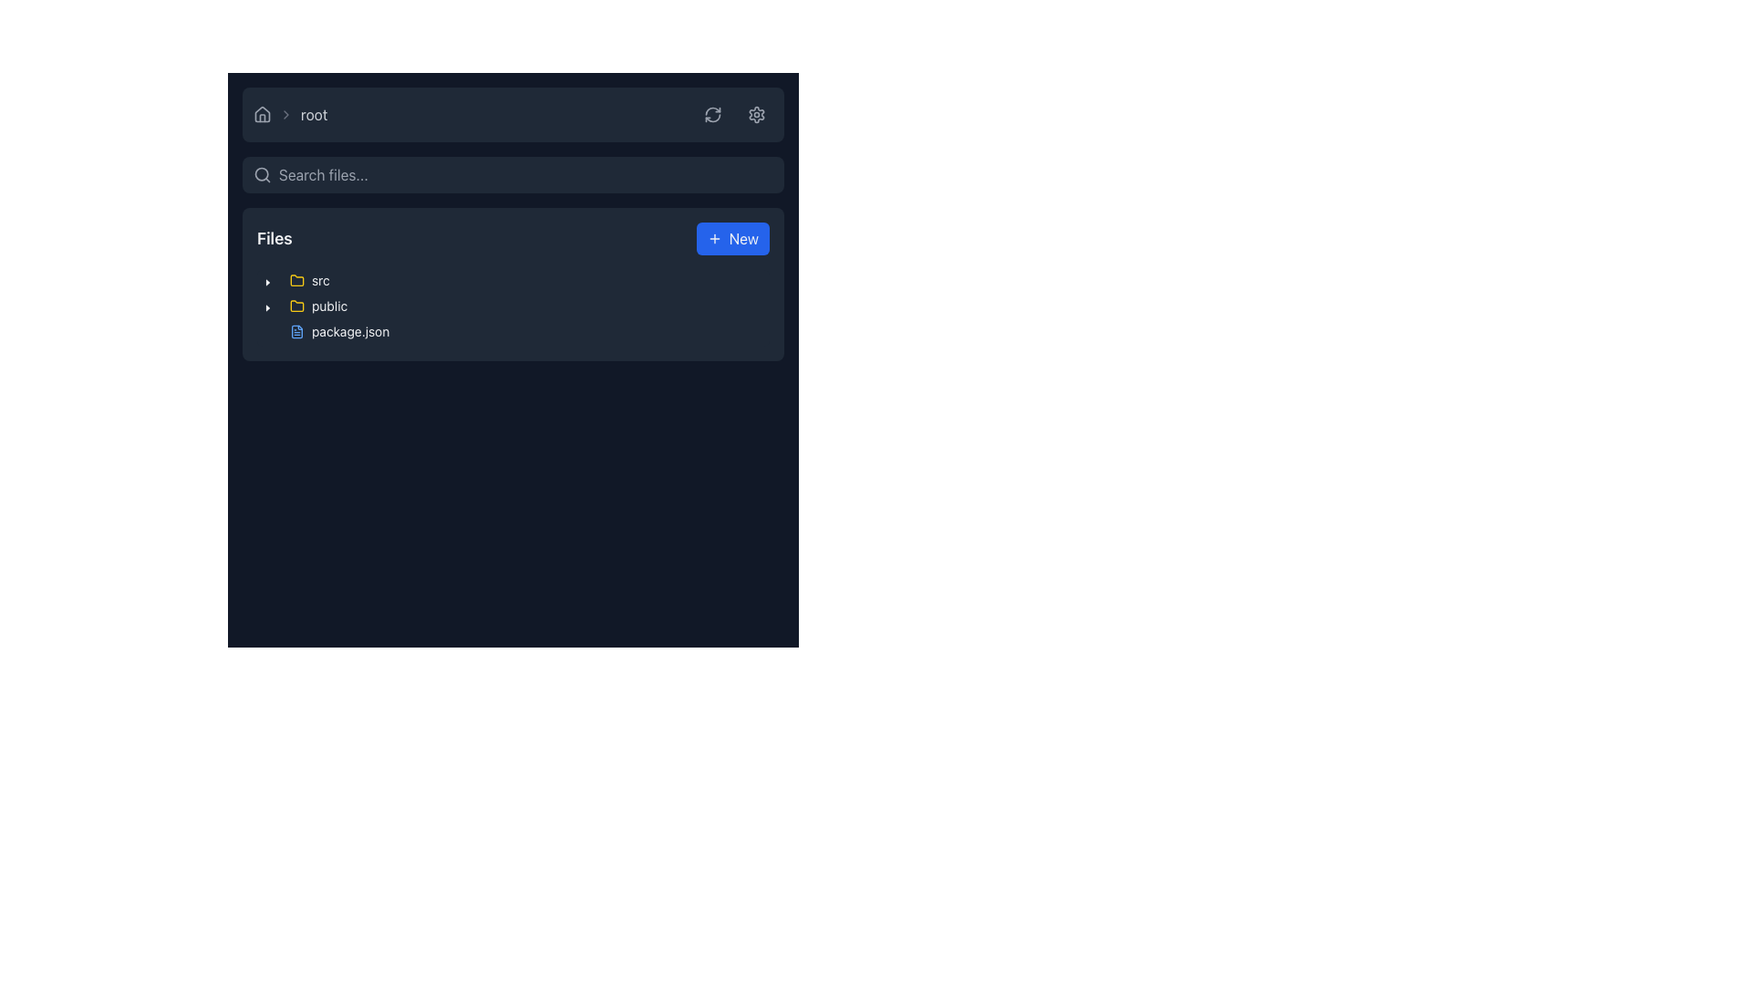  Describe the element at coordinates (306, 305) in the screenshot. I see `the caret of the 'public' TreeViewItem` at that location.